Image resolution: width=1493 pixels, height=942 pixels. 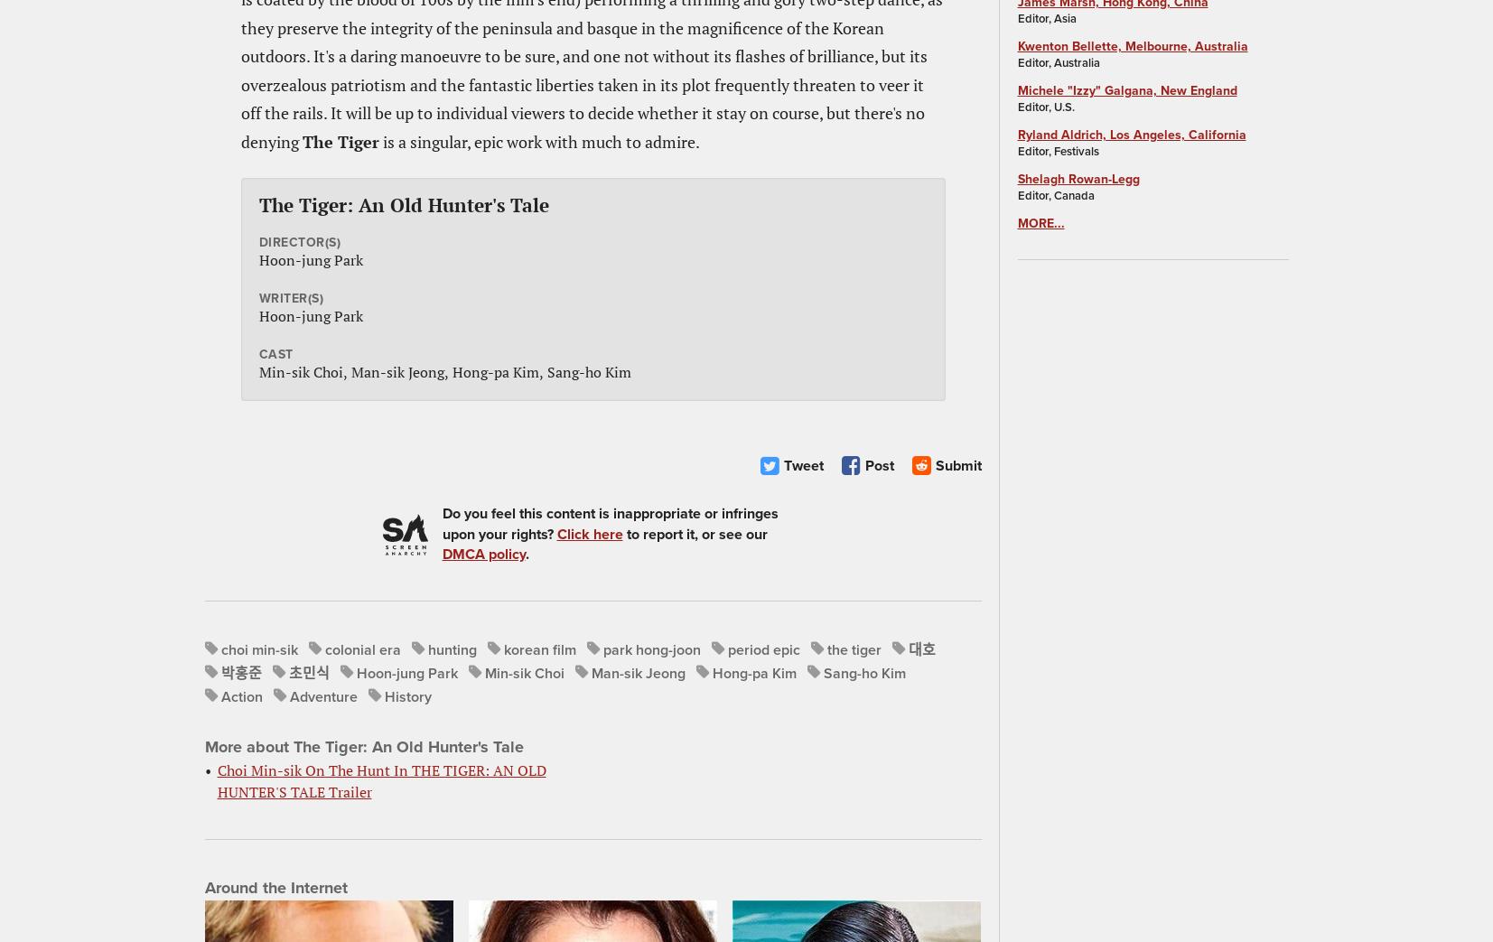 What do you see at coordinates (216, 780) in the screenshot?
I see `'Choi Min-sik On The Hunt In THE TIGER: AN OLD HUNTER'S TALE Trailer'` at bounding box center [216, 780].